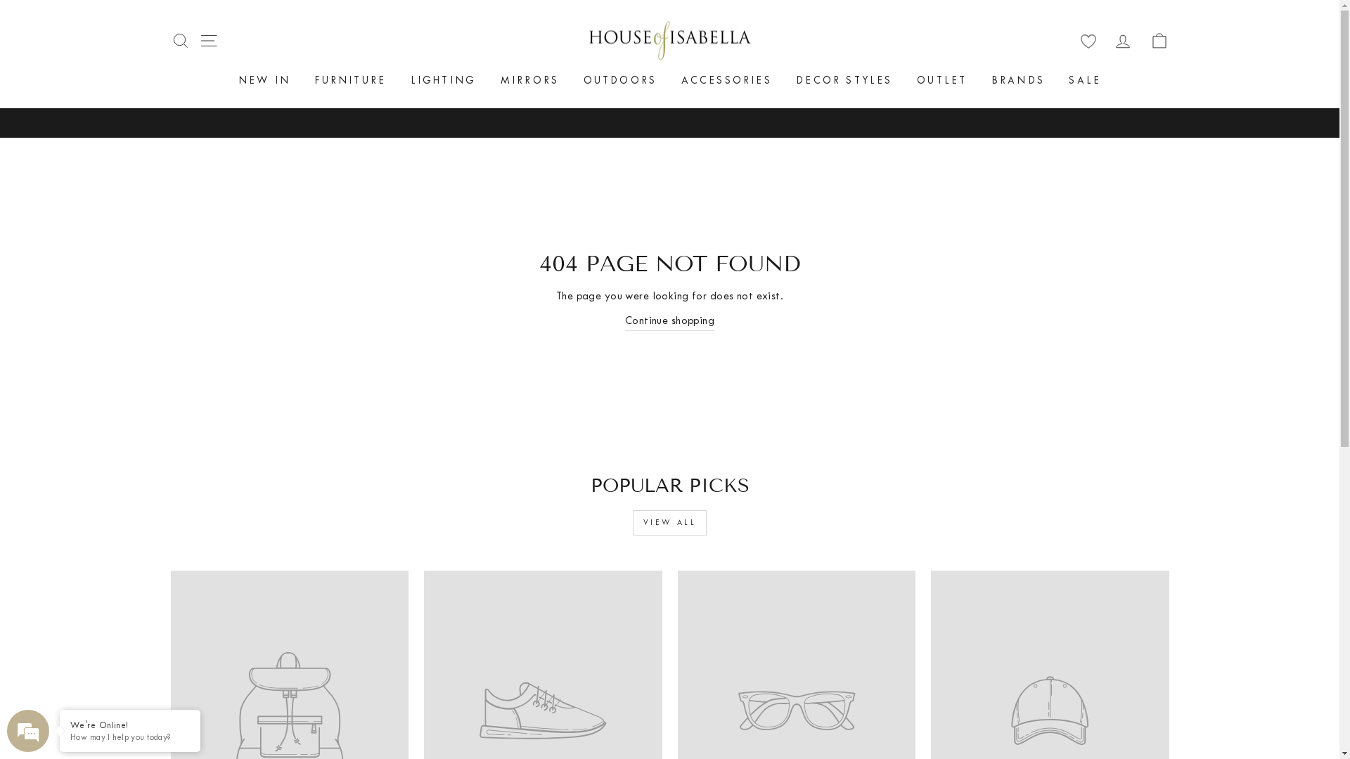 Image resolution: width=1350 pixels, height=759 pixels. What do you see at coordinates (303, 80) in the screenshot?
I see `'FURNITURE'` at bounding box center [303, 80].